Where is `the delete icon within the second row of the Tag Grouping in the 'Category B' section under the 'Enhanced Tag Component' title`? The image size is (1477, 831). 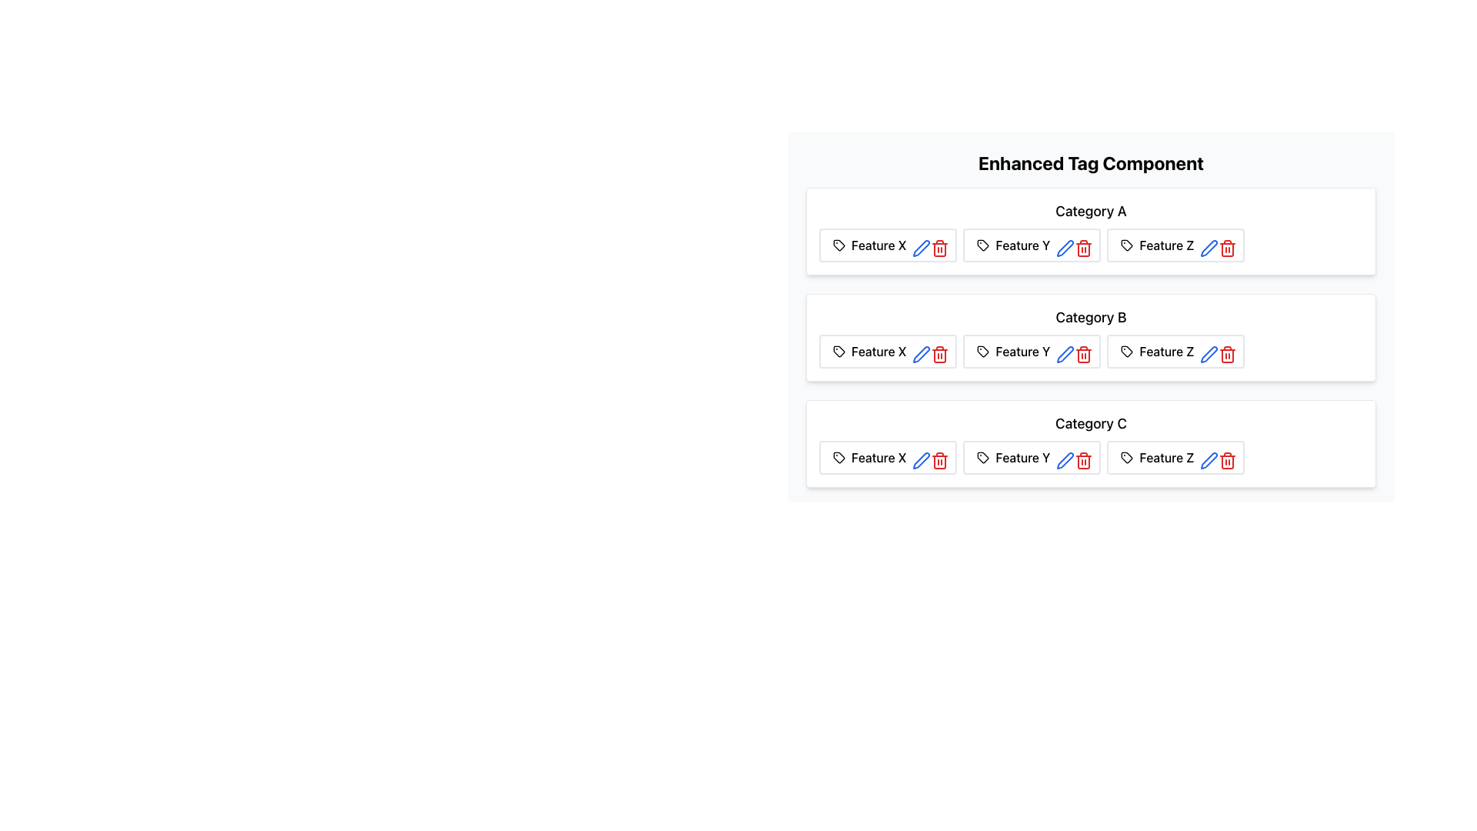 the delete icon within the second row of the Tag Grouping in the 'Category B' section under the 'Enhanced Tag Component' title is located at coordinates (1090, 351).